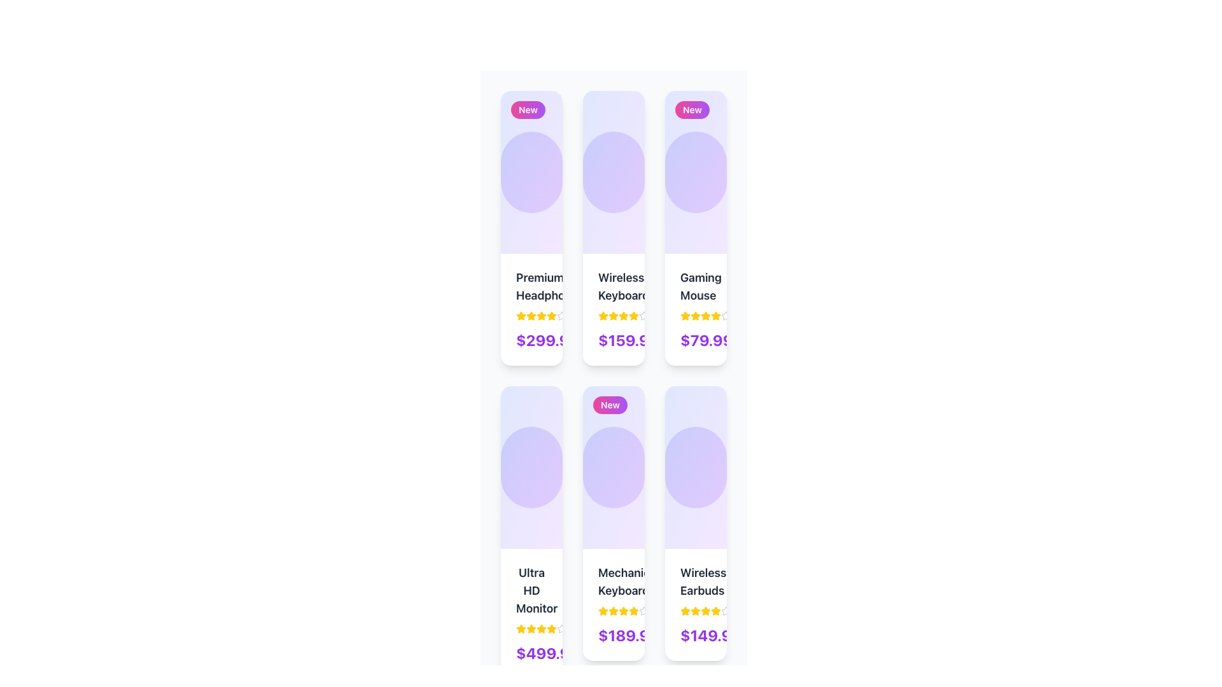 Image resolution: width=1222 pixels, height=687 pixels. What do you see at coordinates (614, 635) in the screenshot?
I see `the price text label located at the bottom section of the card for the 'Mechanical Keyboard' product, which is situated just below the rating stars and above the card's base` at bounding box center [614, 635].